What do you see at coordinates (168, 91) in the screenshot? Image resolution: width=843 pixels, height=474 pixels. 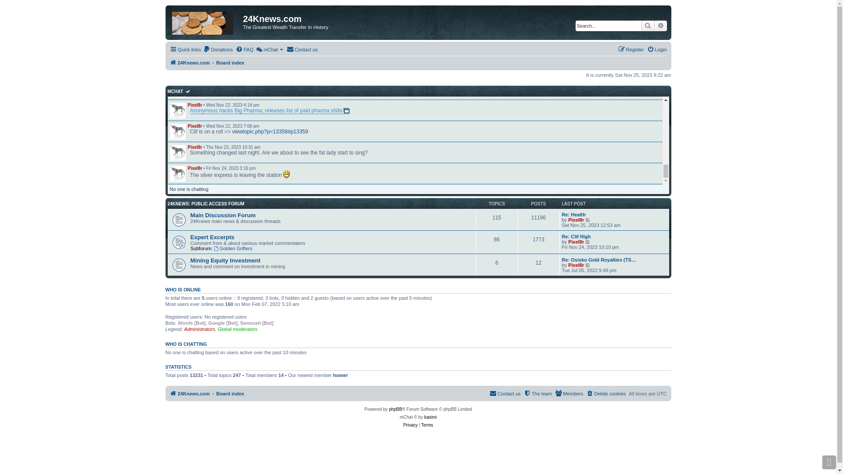 I see `'MCHAT'` at bounding box center [168, 91].